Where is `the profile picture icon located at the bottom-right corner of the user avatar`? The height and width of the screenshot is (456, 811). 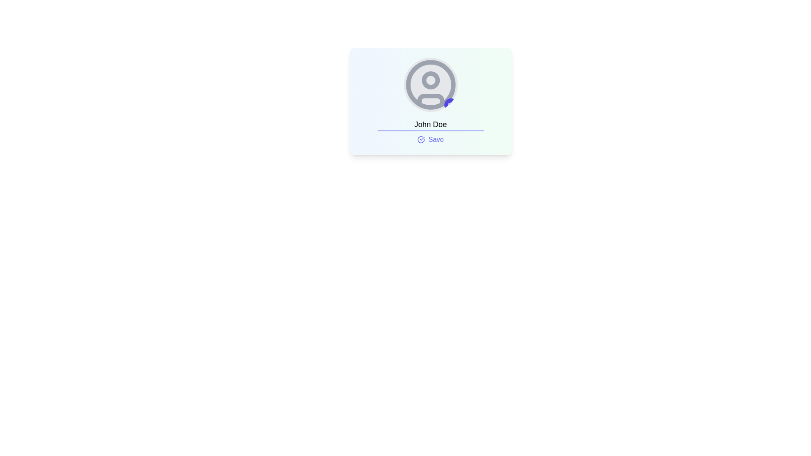
the profile picture icon located at the bottom-right corner of the user avatar is located at coordinates (450, 105).